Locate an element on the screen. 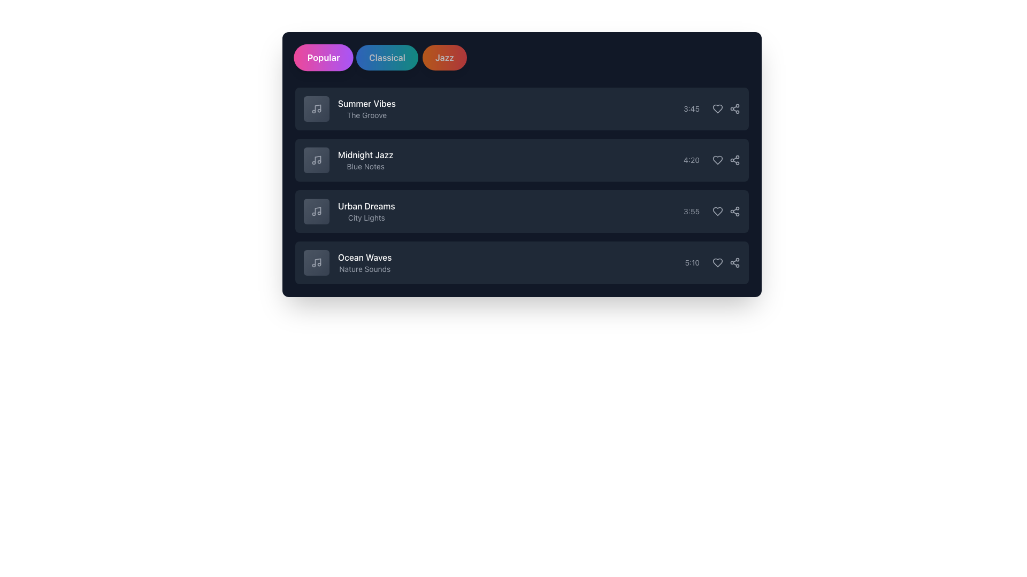 The height and width of the screenshot is (577, 1027). the 'Classical' category button located between 'Popular' and 'Jazz' is located at coordinates (387, 58).